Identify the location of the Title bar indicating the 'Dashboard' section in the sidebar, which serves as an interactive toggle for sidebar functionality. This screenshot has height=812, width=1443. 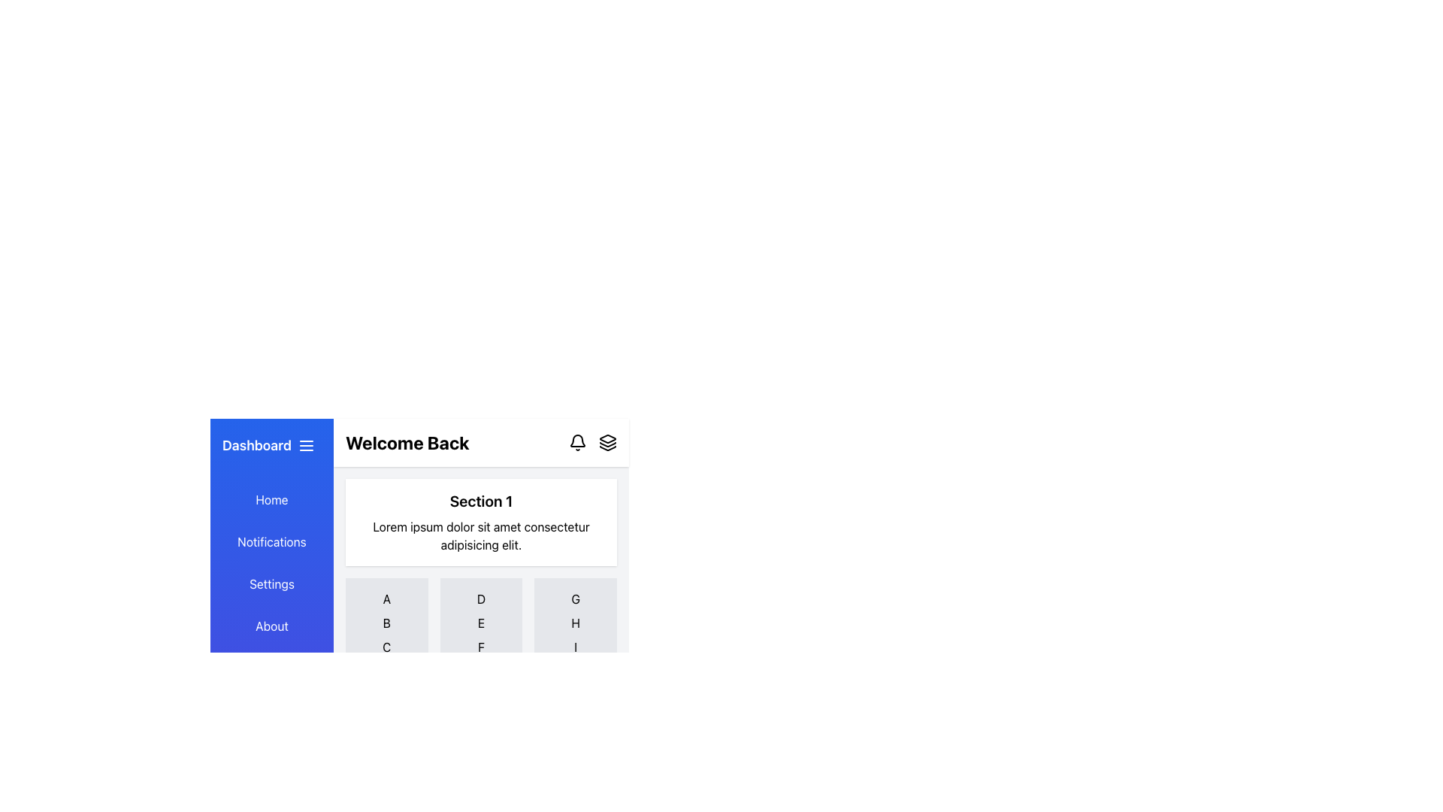
(271, 445).